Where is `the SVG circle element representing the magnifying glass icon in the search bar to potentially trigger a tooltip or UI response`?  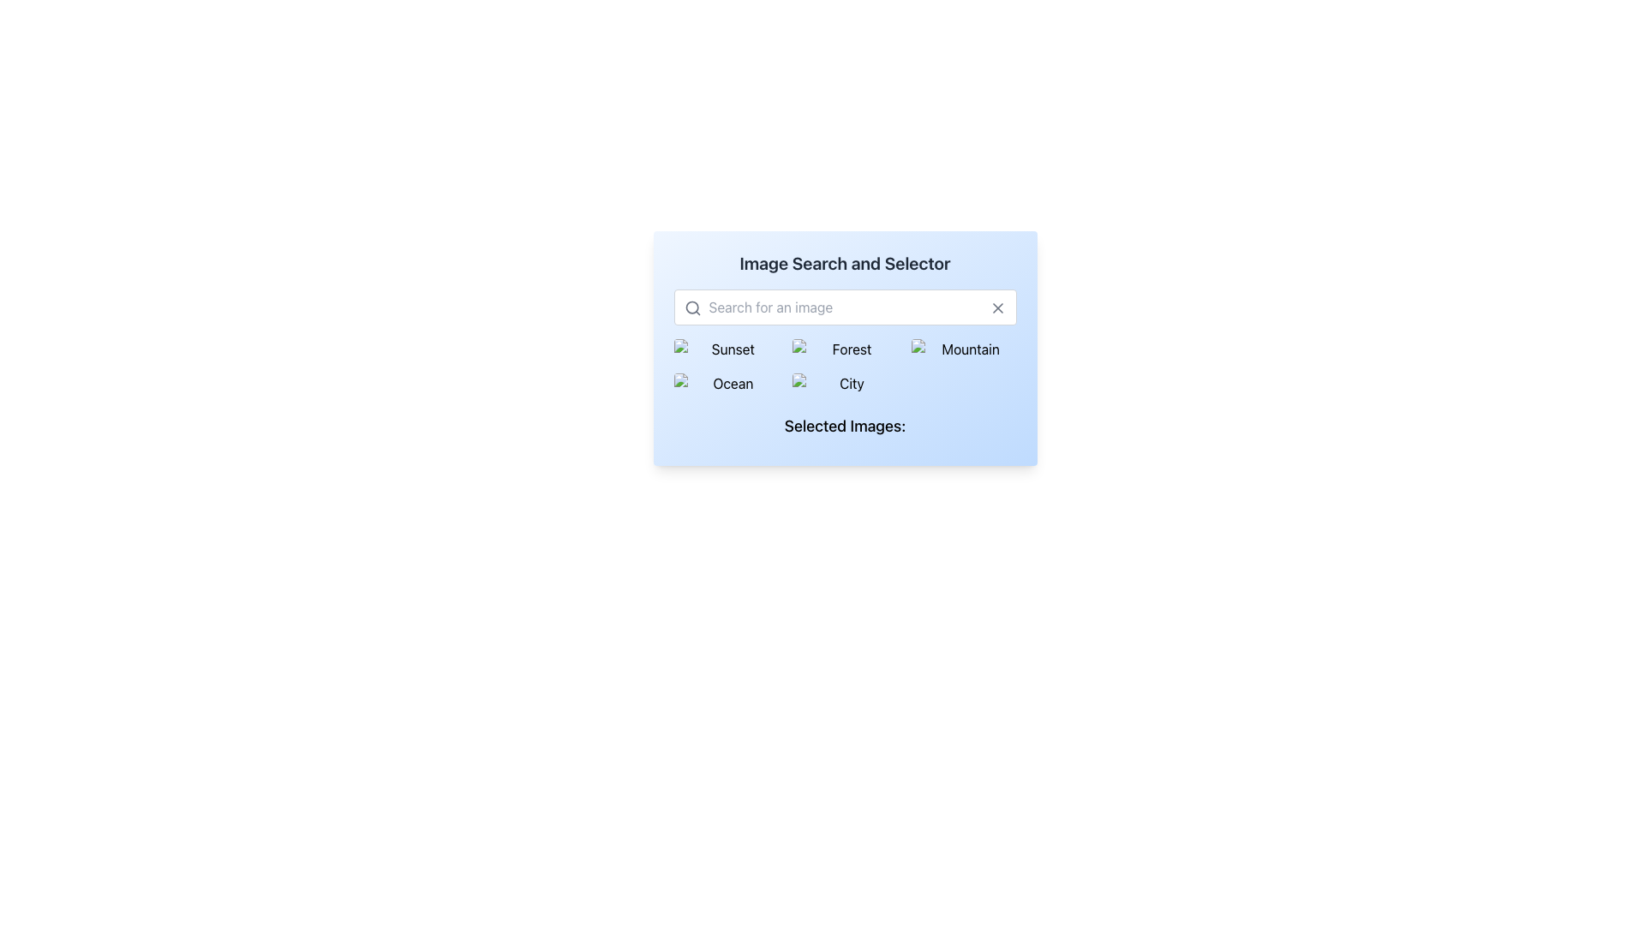 the SVG circle element representing the magnifying glass icon in the search bar to potentially trigger a tooltip or UI response is located at coordinates (691, 307).